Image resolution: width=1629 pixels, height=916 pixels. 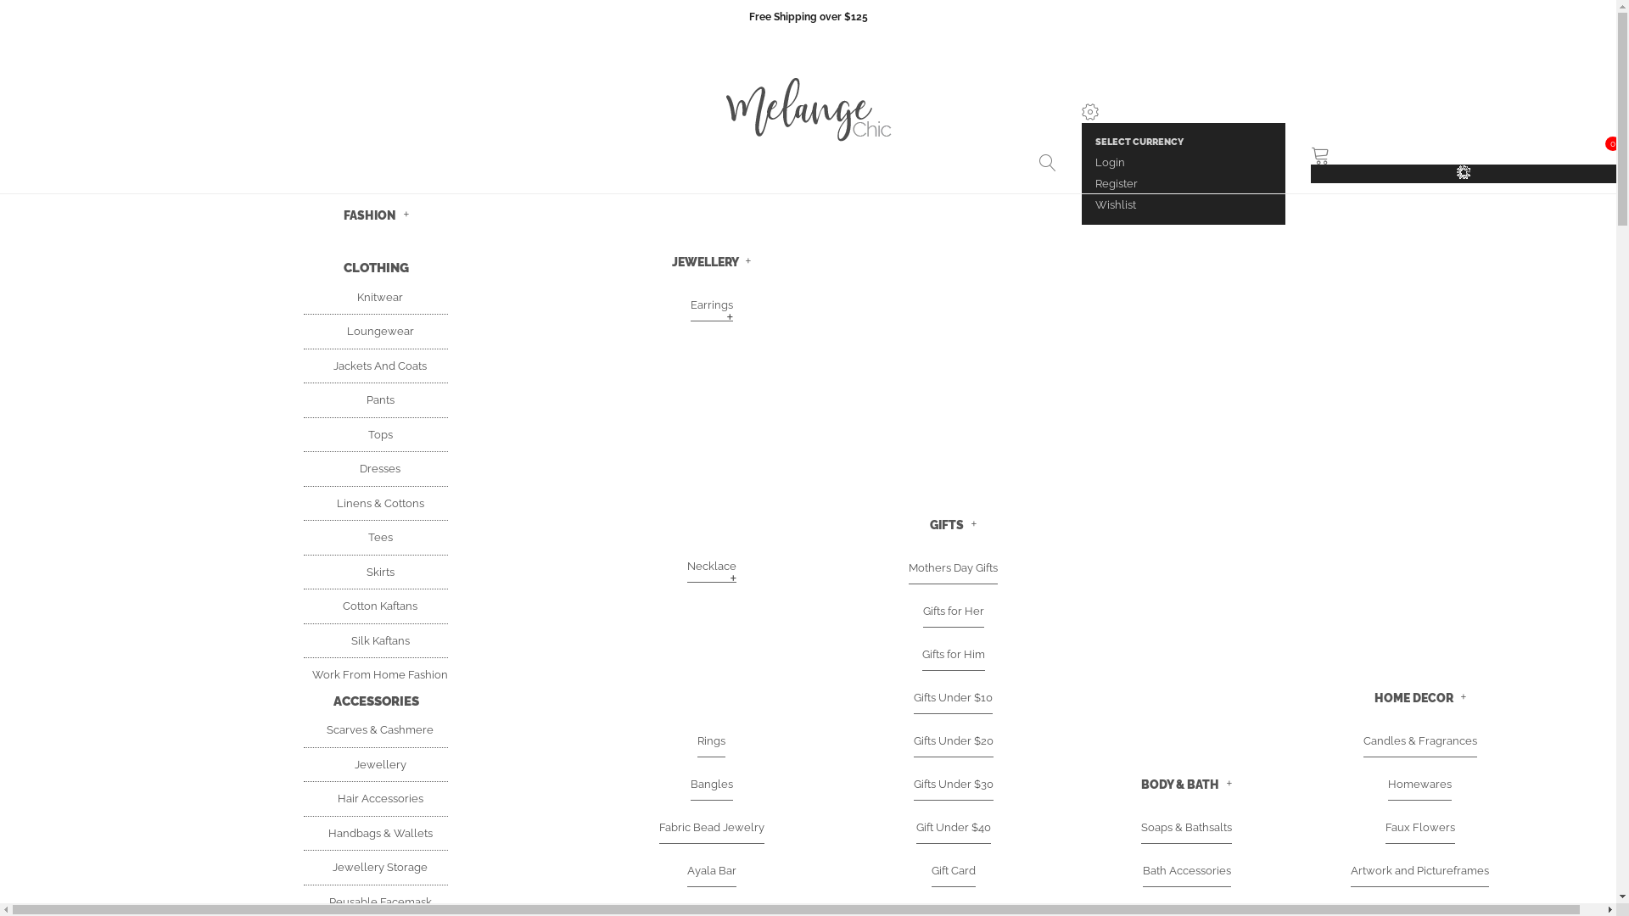 What do you see at coordinates (374, 605) in the screenshot?
I see `'Cotton Kaftans'` at bounding box center [374, 605].